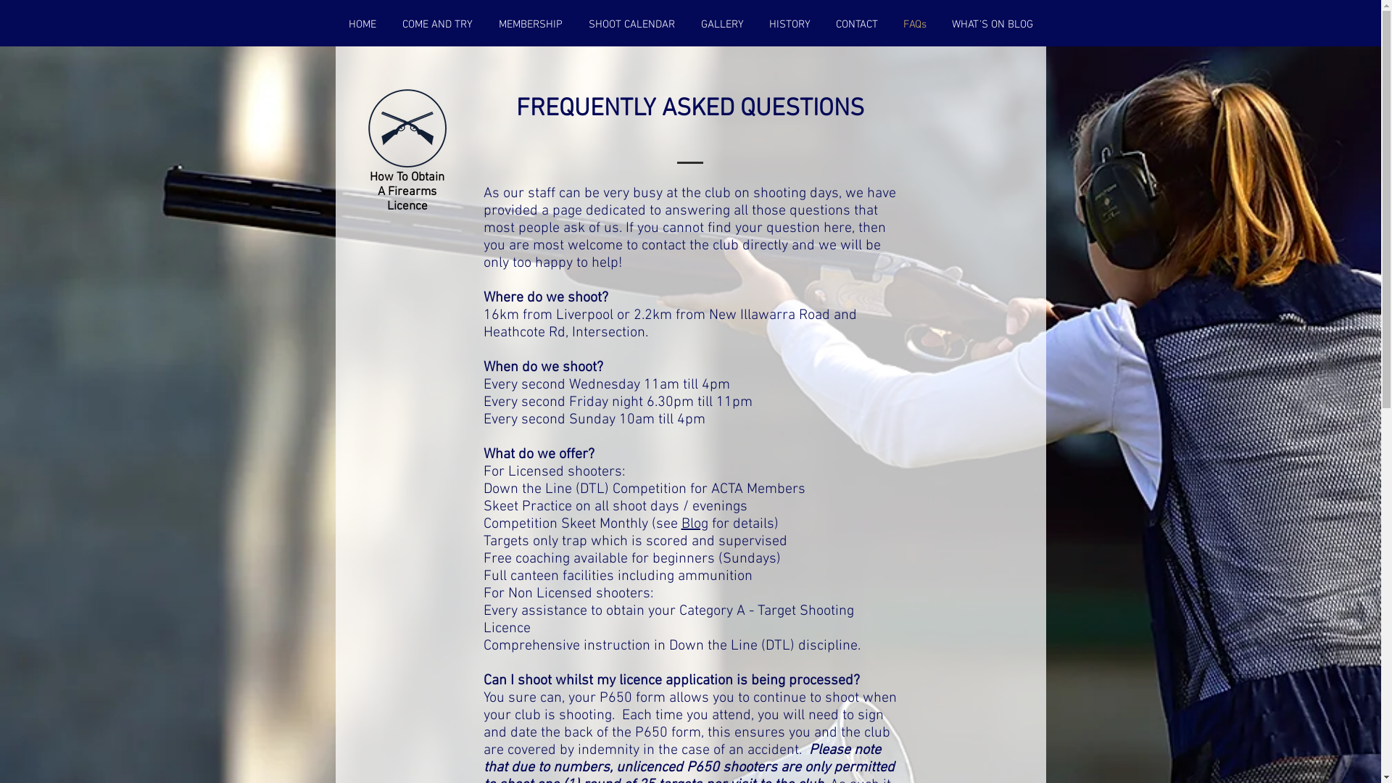  I want to click on 'GALLERY', so click(721, 25).